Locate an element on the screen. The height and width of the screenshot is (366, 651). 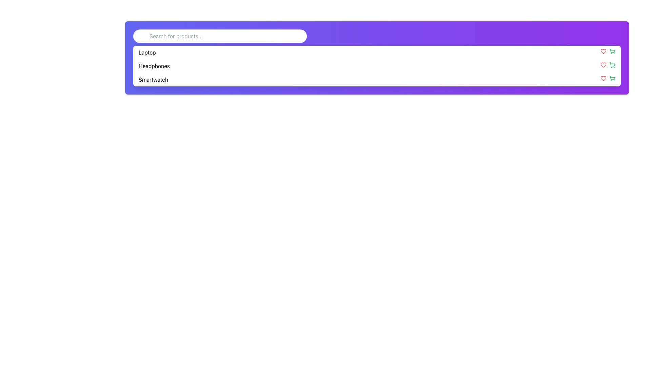
the add to cart button icon, which is the second icon in the group of icons to the right of the product list row is located at coordinates (612, 65).